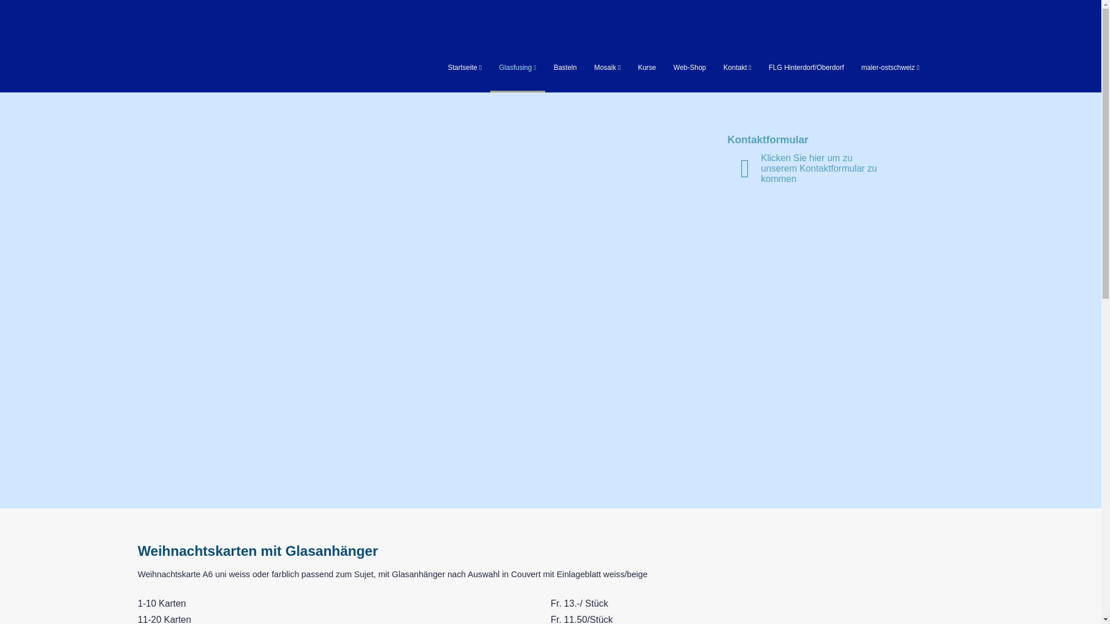  I want to click on 'FLG Hinterdorf/Oberdorf', so click(806, 67).